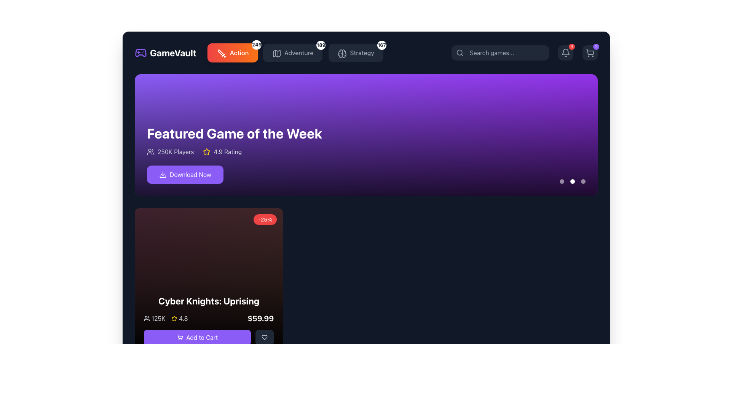 This screenshot has width=731, height=411. What do you see at coordinates (197, 337) in the screenshot?
I see `the 'Add to Cart' button for 'Cyber Knights: Uprising' to observe the hover effect` at bounding box center [197, 337].